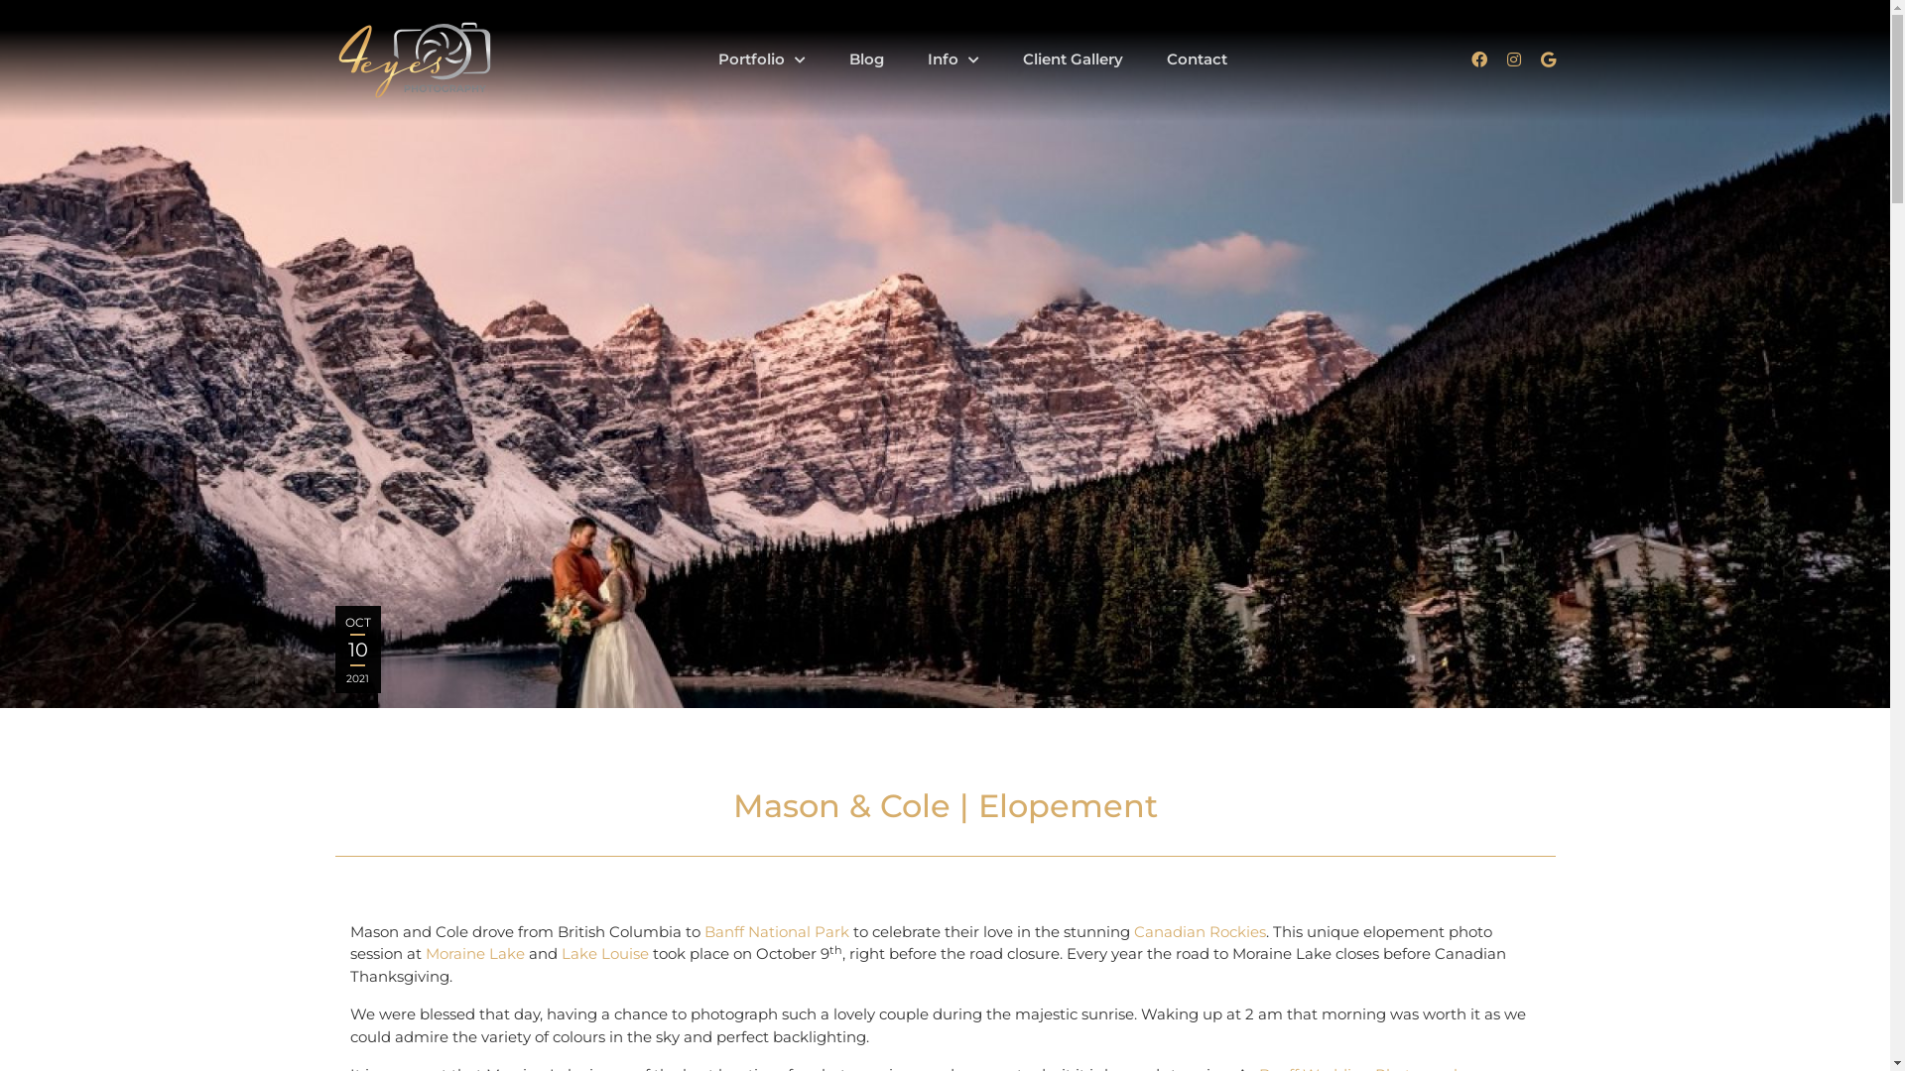 The image size is (1905, 1071). Describe the element at coordinates (698, 58) in the screenshot. I see `'Portfolio'` at that location.